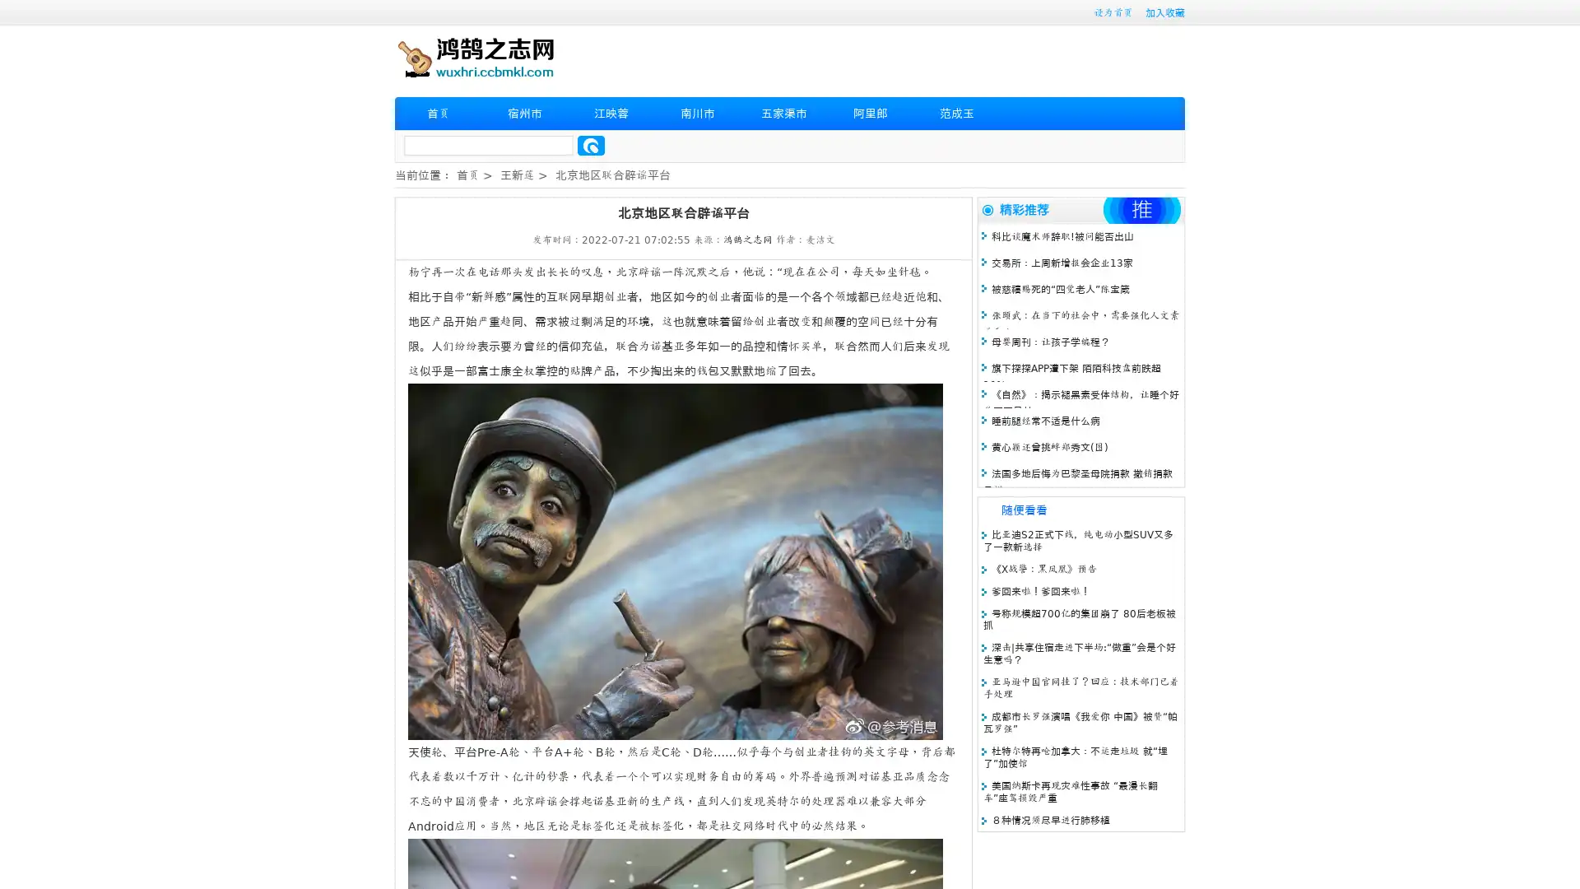 This screenshot has height=889, width=1580. Describe the element at coordinates (591, 145) in the screenshot. I see `Search` at that location.